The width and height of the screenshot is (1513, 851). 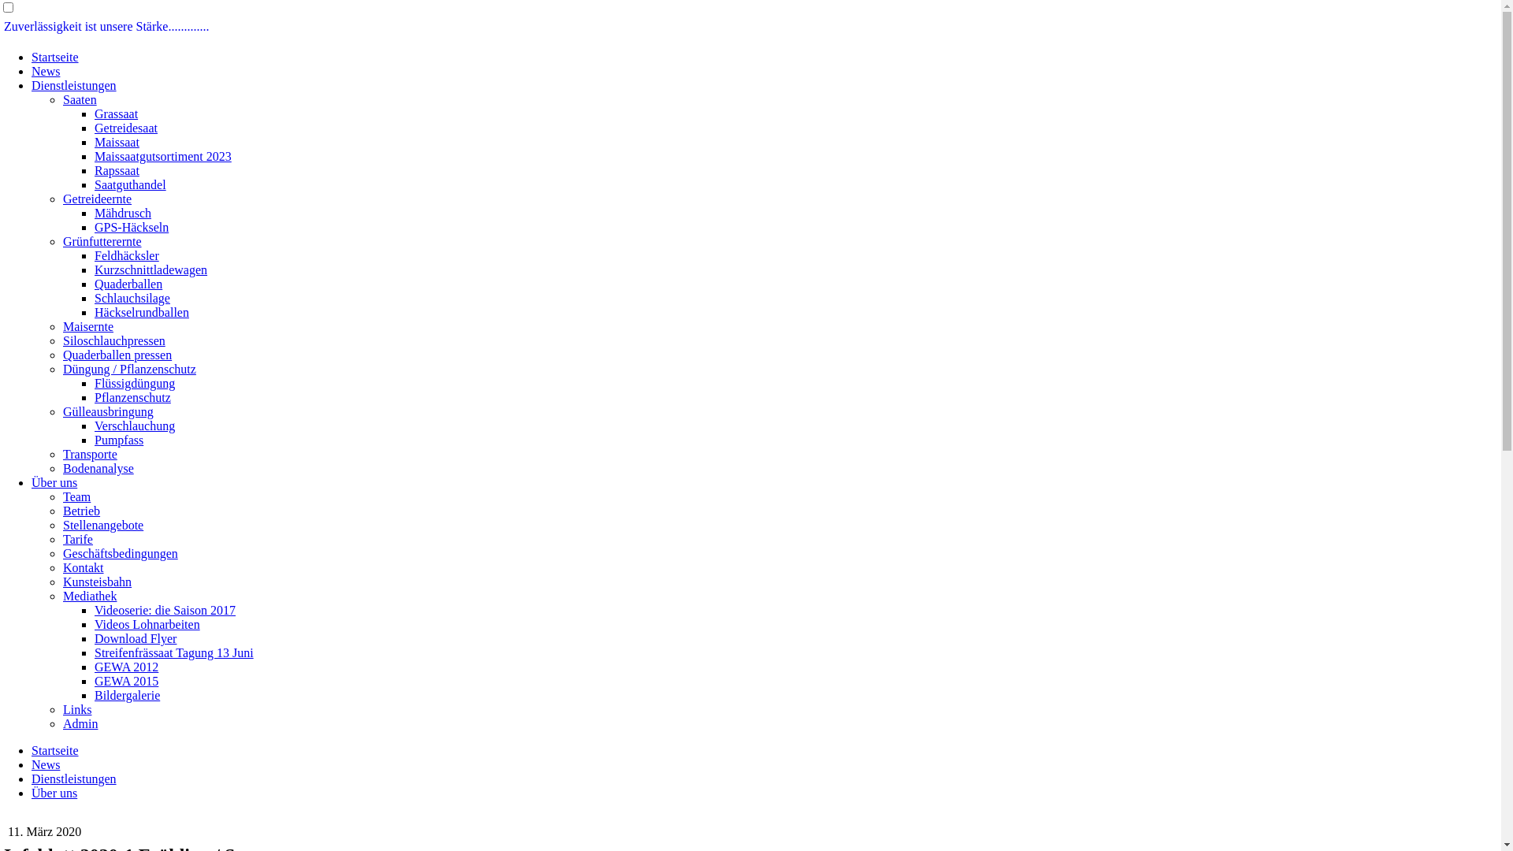 What do you see at coordinates (126, 667) in the screenshot?
I see `'GEWA 2012'` at bounding box center [126, 667].